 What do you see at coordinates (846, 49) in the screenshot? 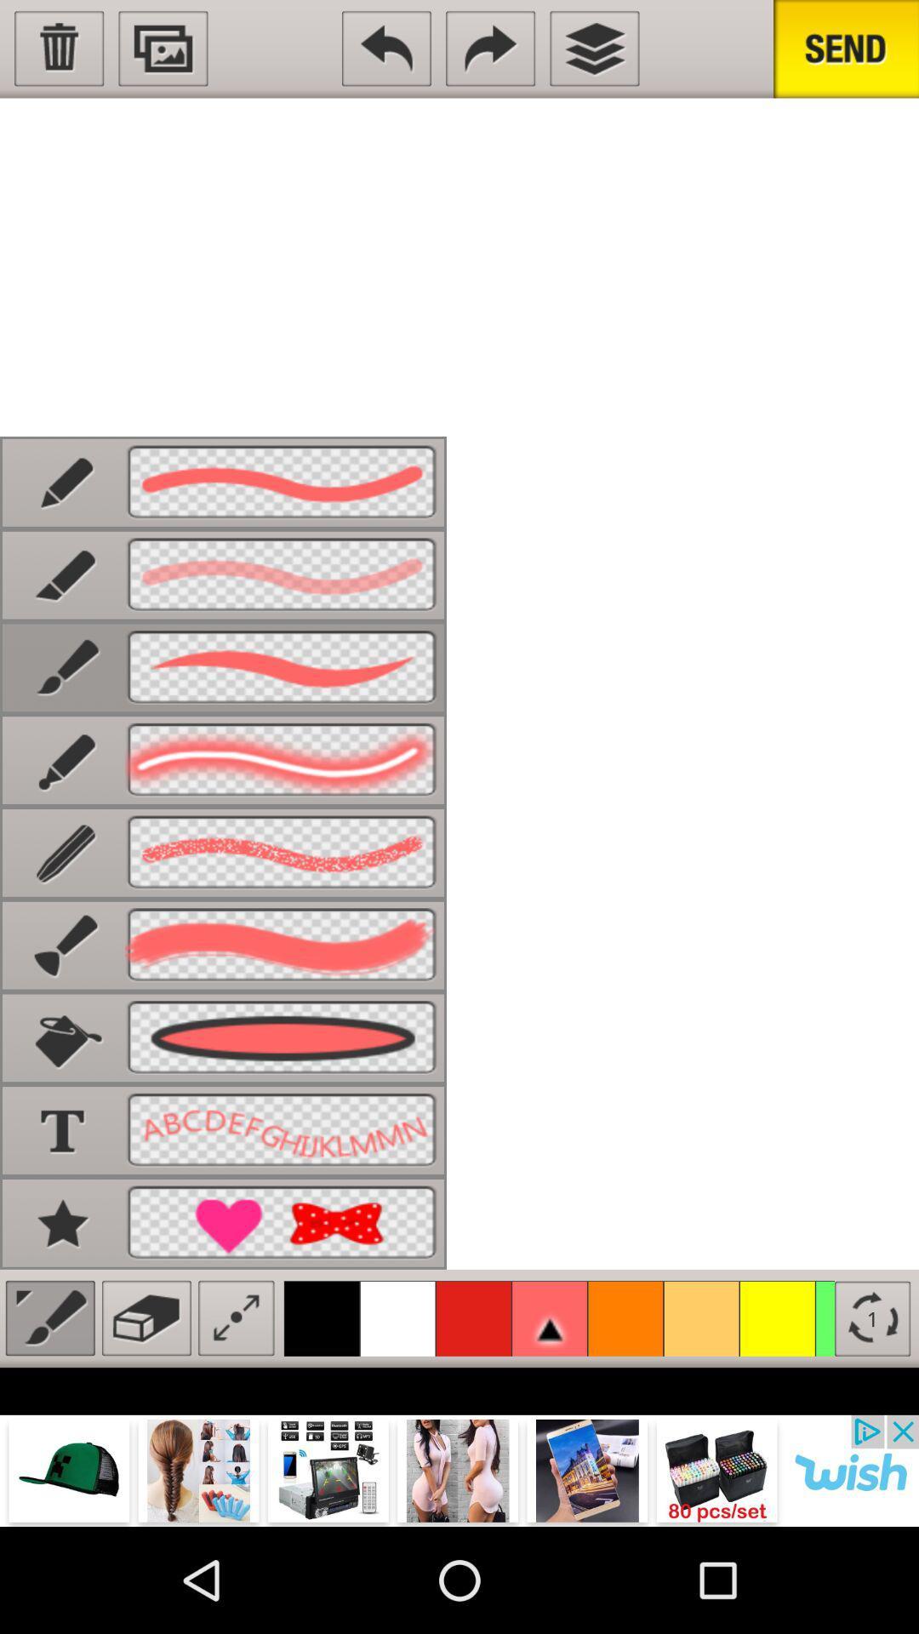
I see `send the paint` at bounding box center [846, 49].